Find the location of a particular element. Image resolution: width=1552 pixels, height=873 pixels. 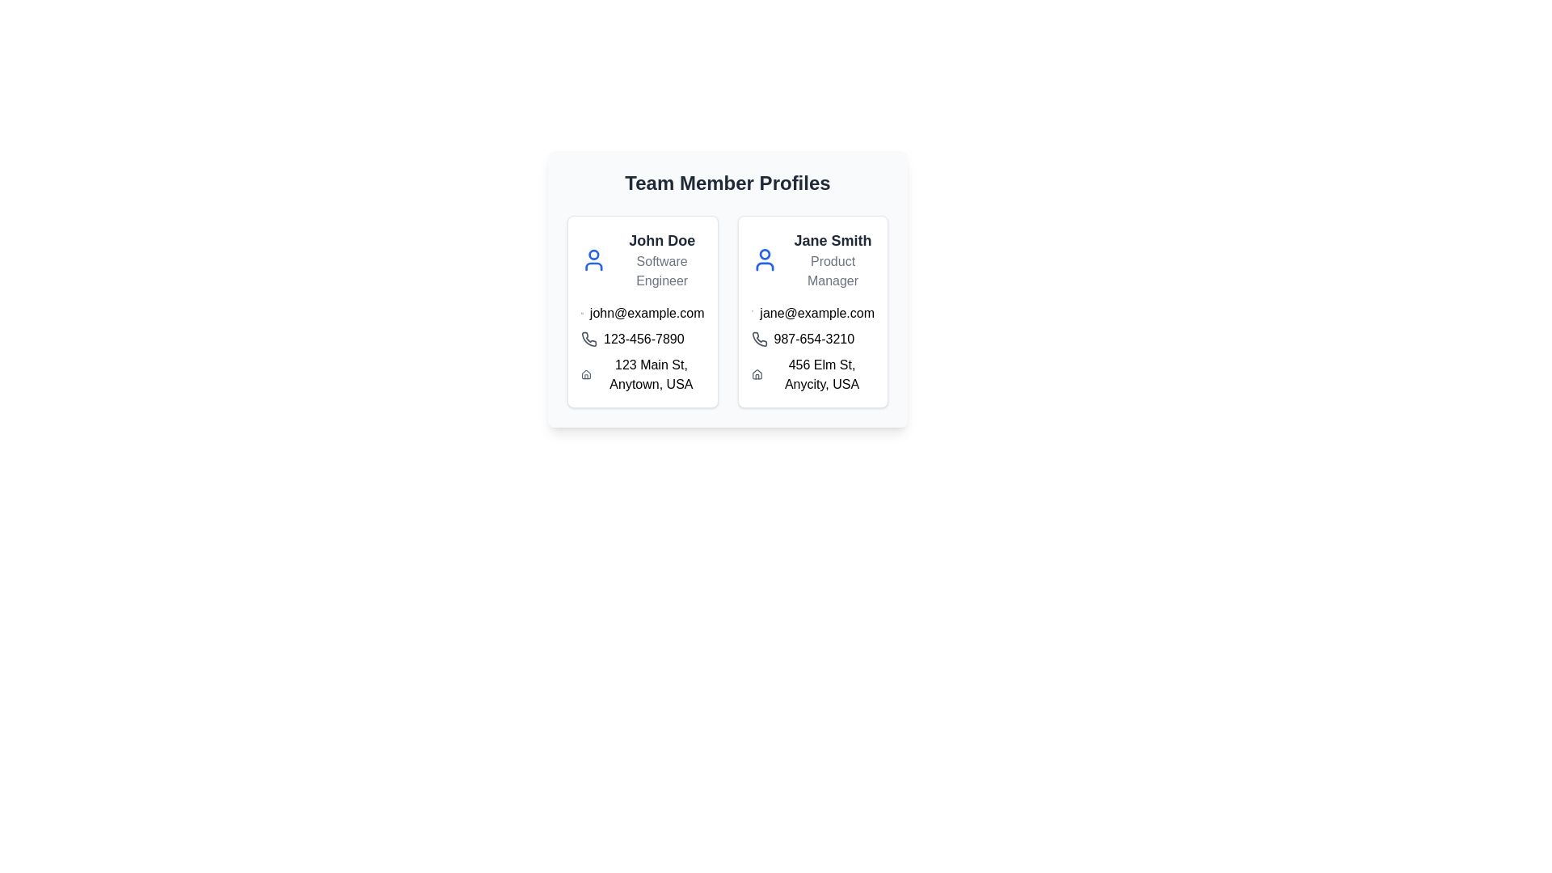

the house-shaped icon with a gray outline and white fill, located to the left of the text '123 Main St, Anytown, USA' in the user's profile card is located at coordinates (585, 374).